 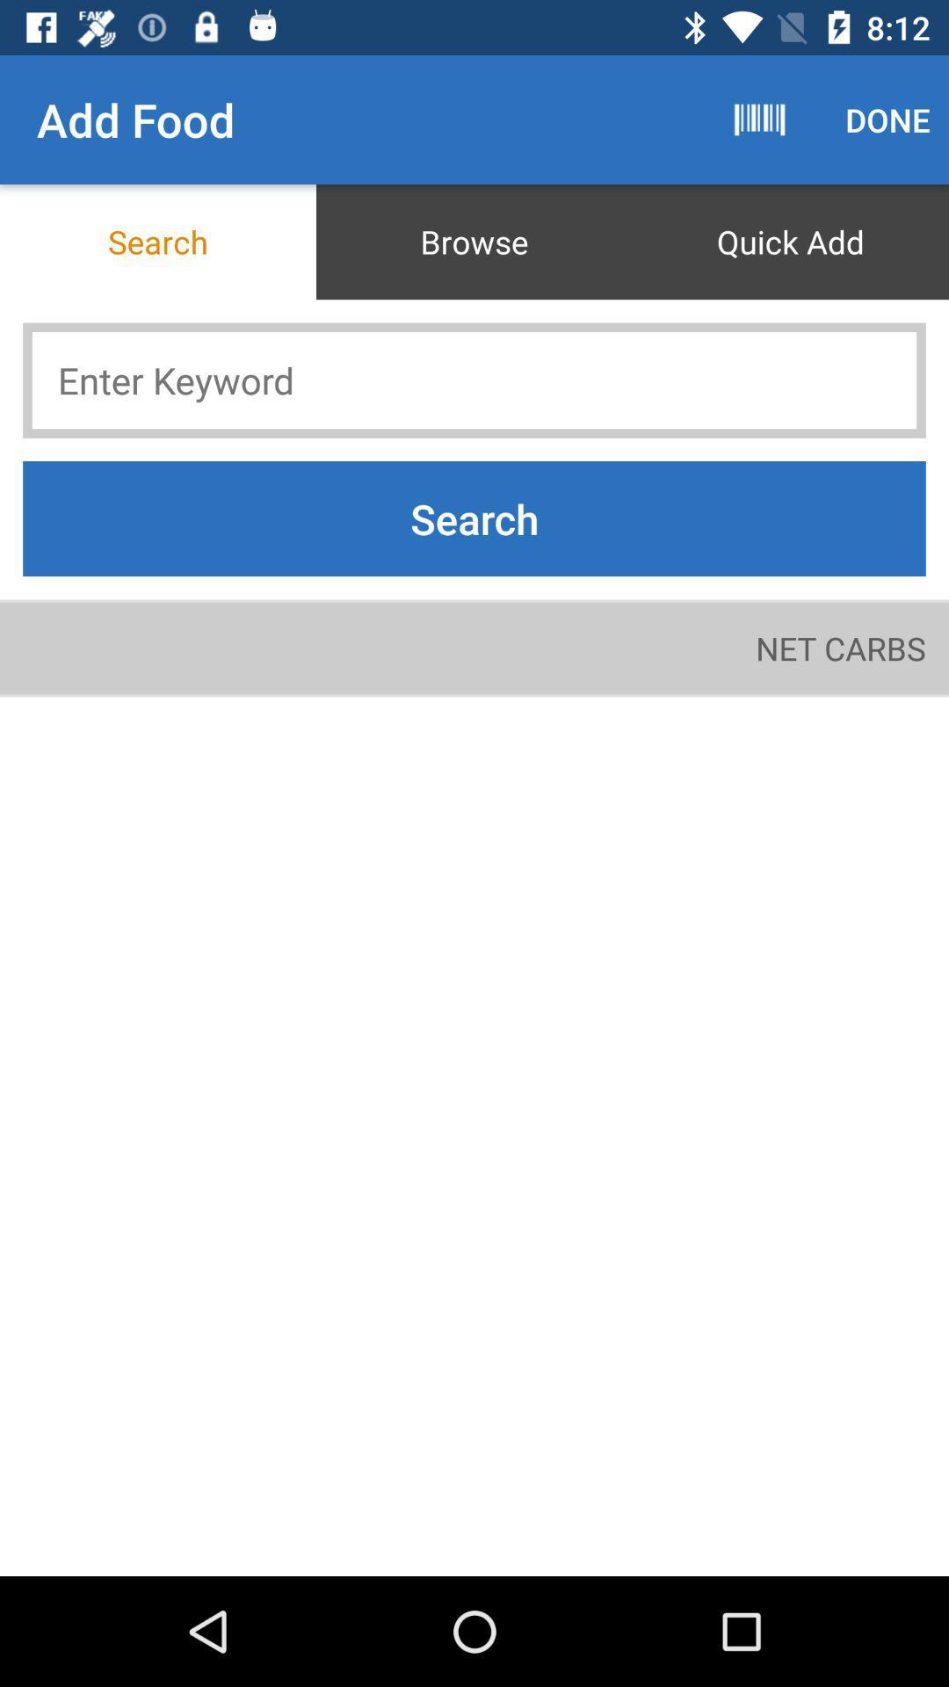 What do you see at coordinates (474, 380) in the screenshot?
I see `keyword to search` at bounding box center [474, 380].